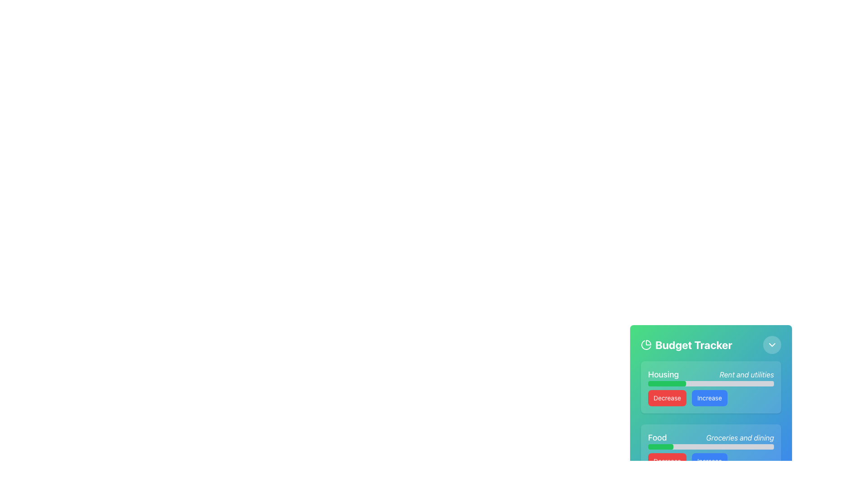 The image size is (866, 487). Describe the element at coordinates (740, 437) in the screenshot. I see `the Italicized Text Label that provides supporting information for the category 'Food', located to the right of the 'Food' text element` at that location.